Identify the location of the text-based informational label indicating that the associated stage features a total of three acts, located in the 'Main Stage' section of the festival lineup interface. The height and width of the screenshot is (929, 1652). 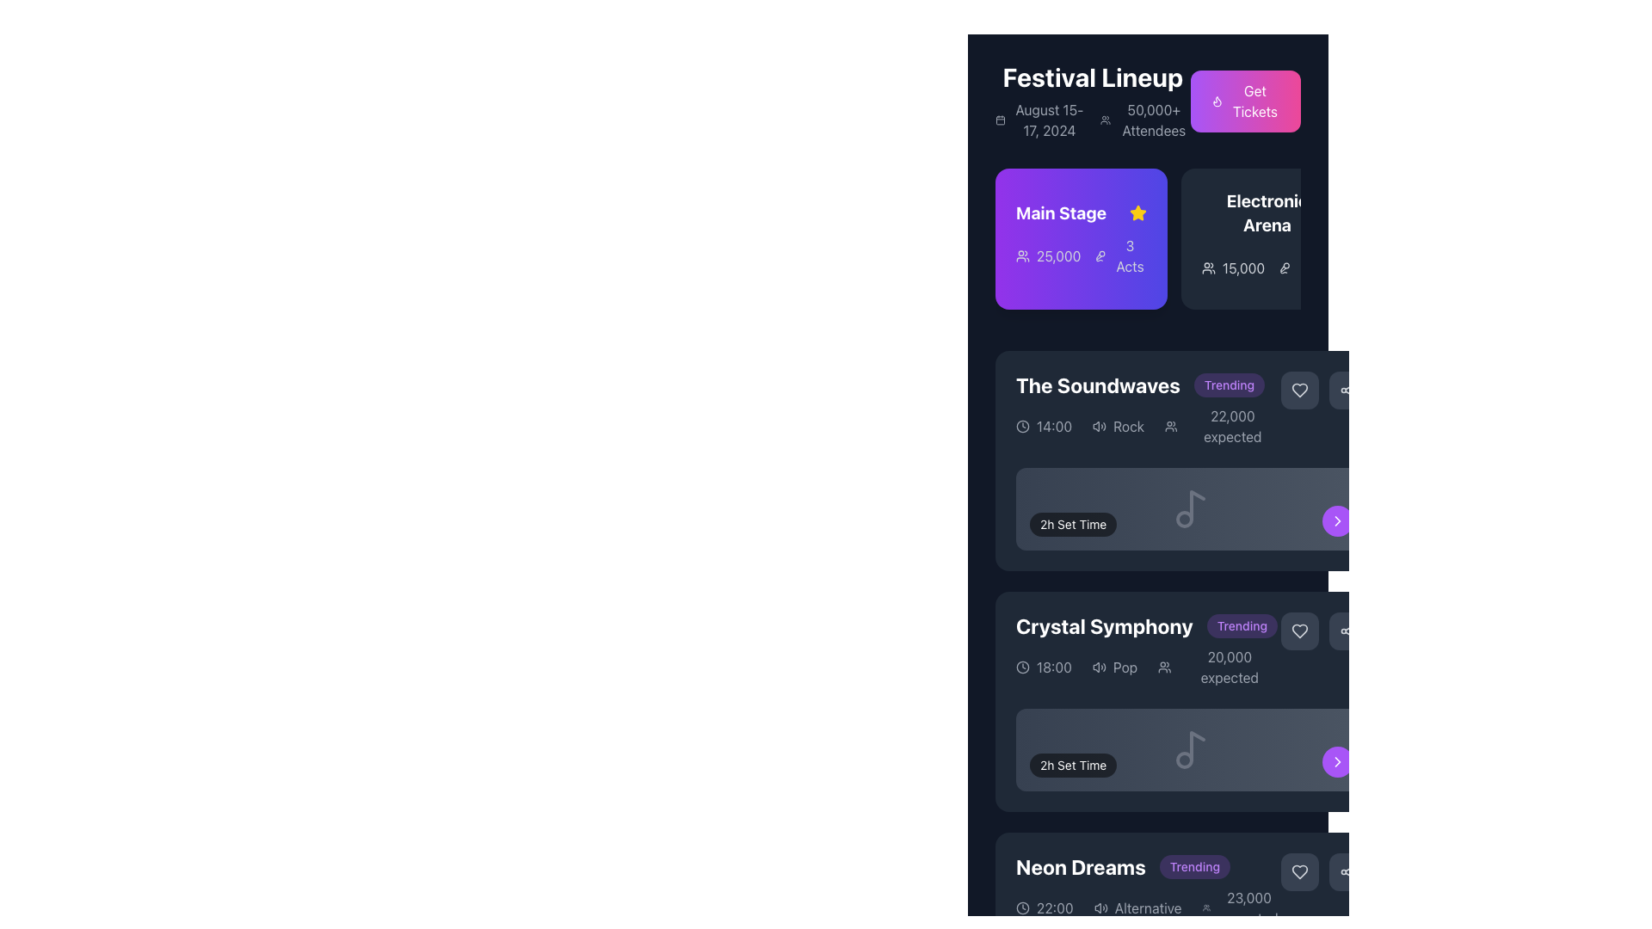
(1130, 255).